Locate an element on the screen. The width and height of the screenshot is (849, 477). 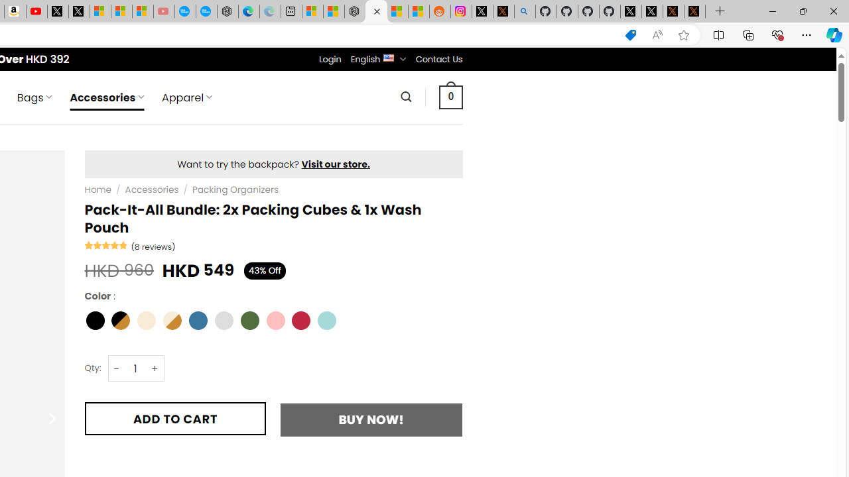
'Day 1: Arriving in Yemen (surreal to be here) - YouTube' is located at coordinates (36, 11).